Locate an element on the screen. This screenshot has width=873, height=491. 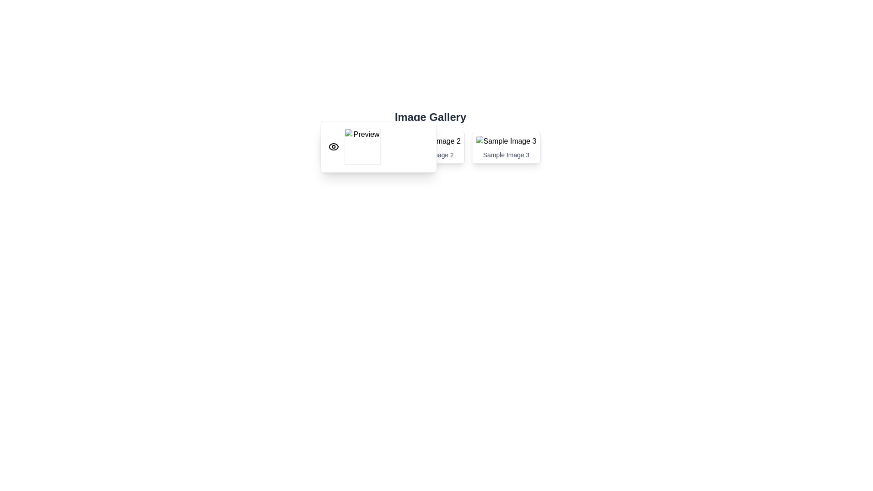
the image on the third Image Card in the grid layout, located to the right of the 'Sample Image 2' card is located at coordinates (506, 147).